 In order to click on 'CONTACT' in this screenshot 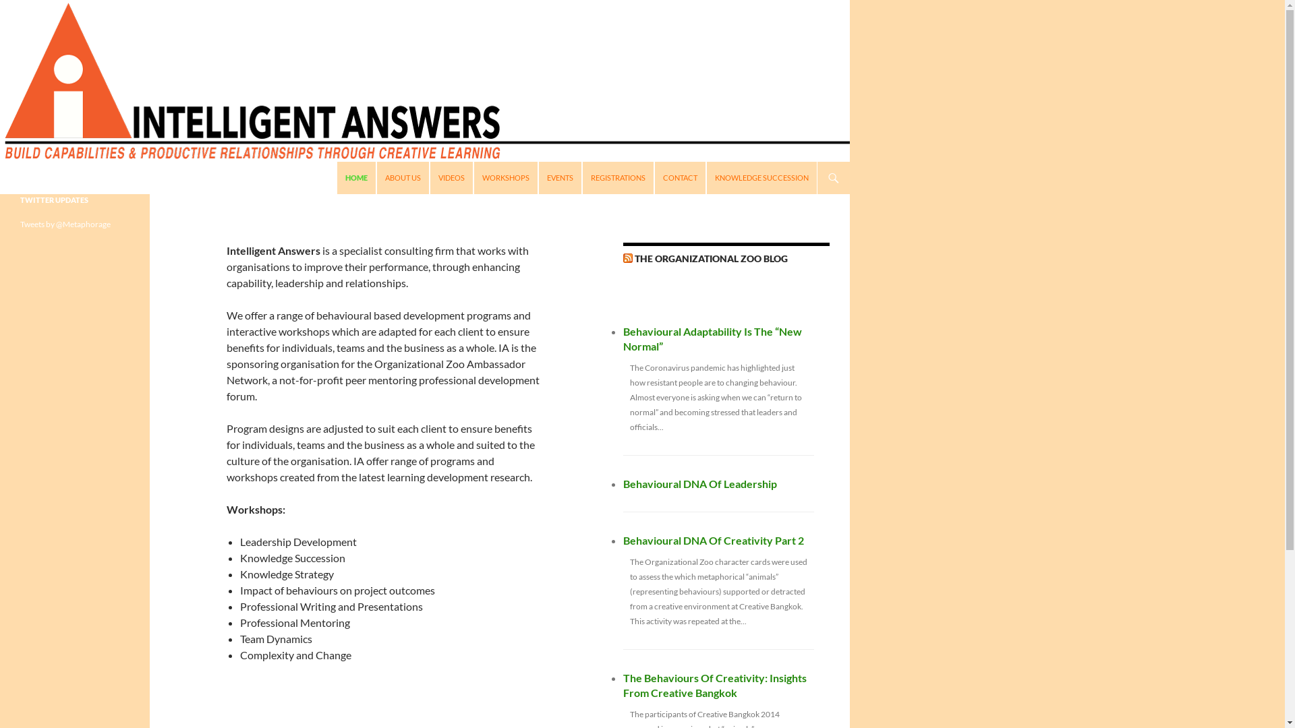, I will do `click(654, 177)`.